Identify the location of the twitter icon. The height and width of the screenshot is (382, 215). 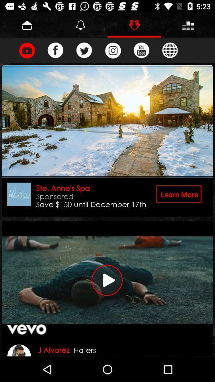
(84, 50).